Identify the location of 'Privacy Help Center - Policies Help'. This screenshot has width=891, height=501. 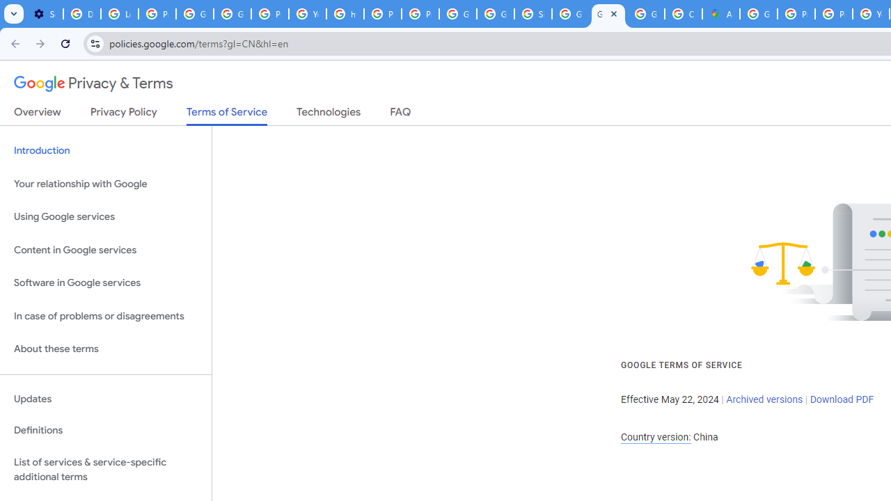
(834, 14).